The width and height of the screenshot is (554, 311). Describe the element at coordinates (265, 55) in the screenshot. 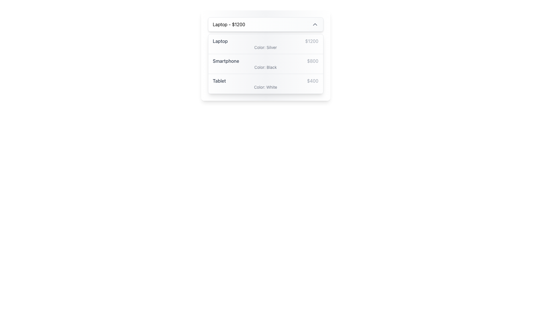

I see `the smartphone product listing item that is the second in a vertical list, positioned below 'Laptop - $1200' and above 'Tablet - $400'` at that location.